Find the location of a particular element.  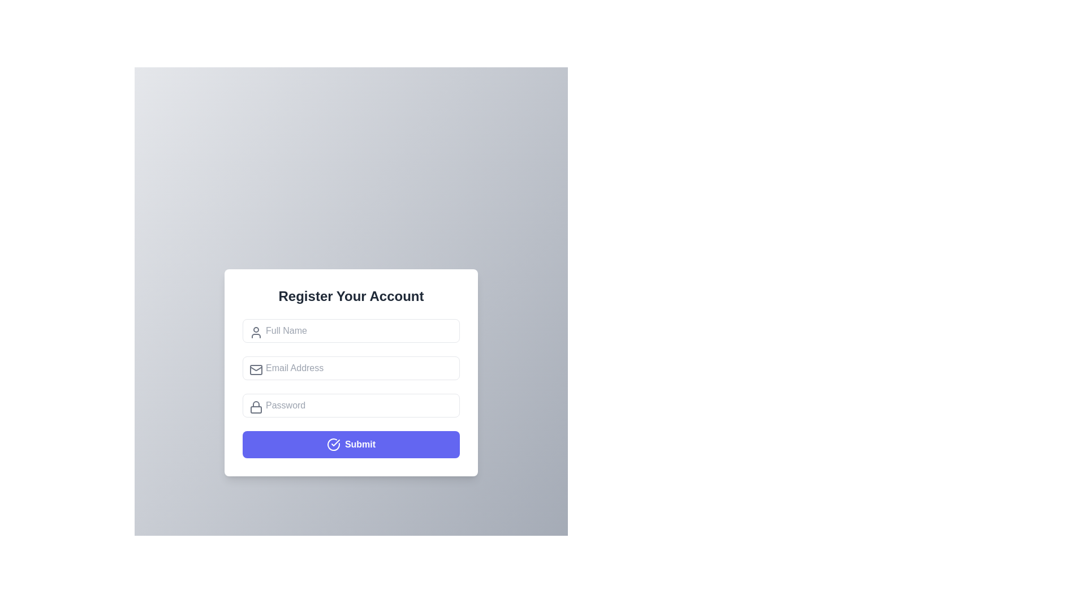

the icon indicating the input field for entering a full name, which is located in the top-left corner of the 'Full Name' text input field is located at coordinates (255, 331).